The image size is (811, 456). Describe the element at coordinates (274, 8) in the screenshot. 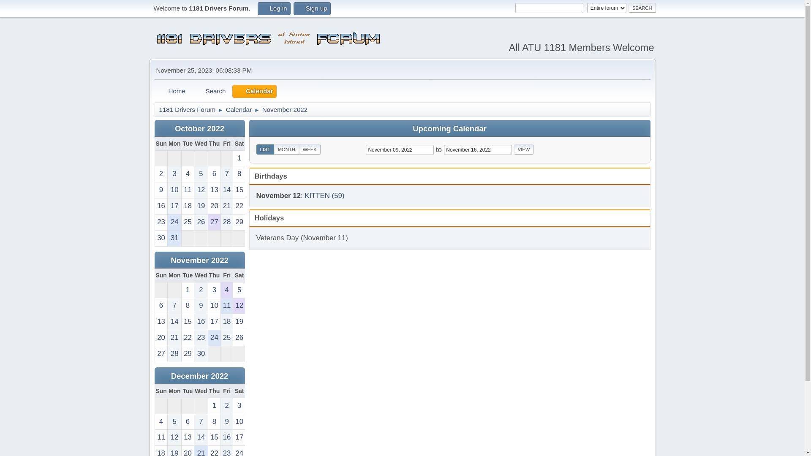

I see `'Log in'` at that location.